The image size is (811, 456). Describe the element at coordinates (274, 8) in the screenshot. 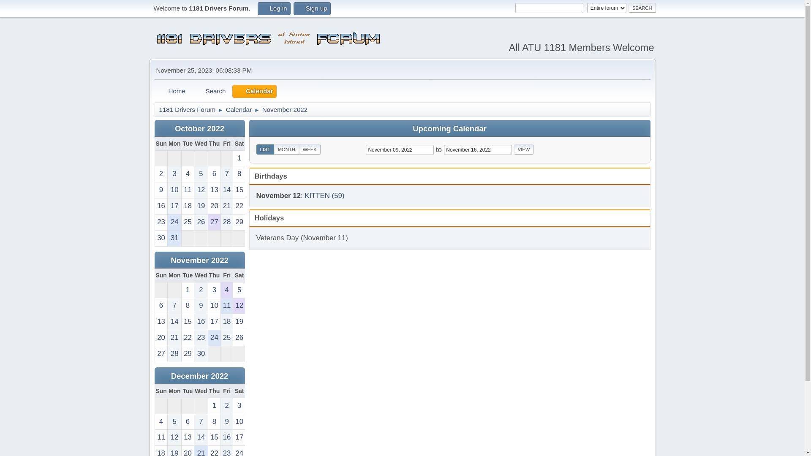

I see `'Log in'` at that location.